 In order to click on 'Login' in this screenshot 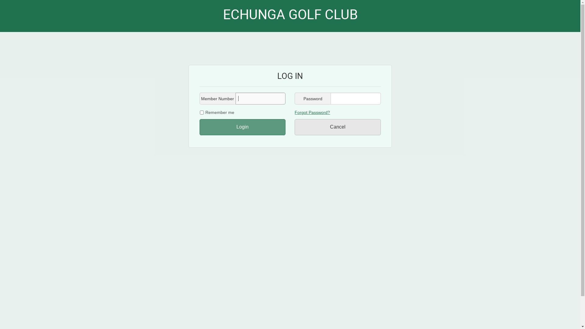, I will do `click(242, 127)`.